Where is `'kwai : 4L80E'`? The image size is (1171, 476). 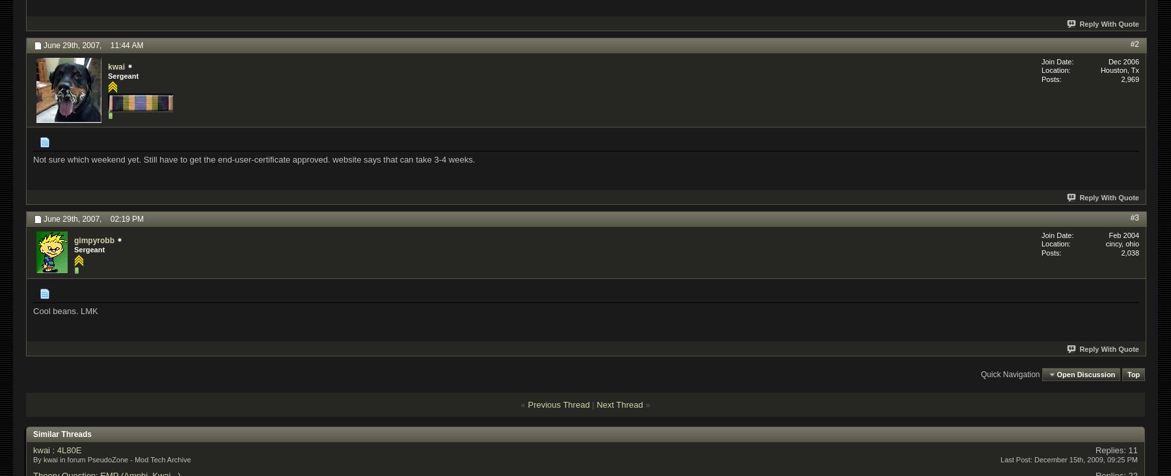 'kwai : 4L80E' is located at coordinates (57, 449).